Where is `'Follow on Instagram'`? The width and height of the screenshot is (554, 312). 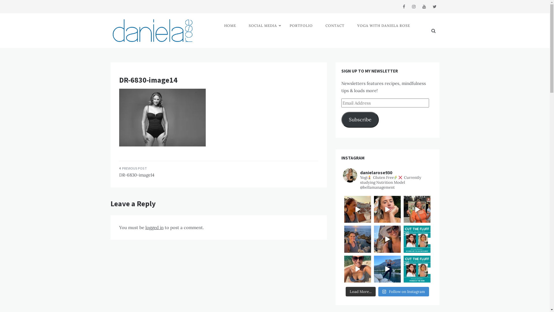 'Follow on Instagram' is located at coordinates (403, 292).